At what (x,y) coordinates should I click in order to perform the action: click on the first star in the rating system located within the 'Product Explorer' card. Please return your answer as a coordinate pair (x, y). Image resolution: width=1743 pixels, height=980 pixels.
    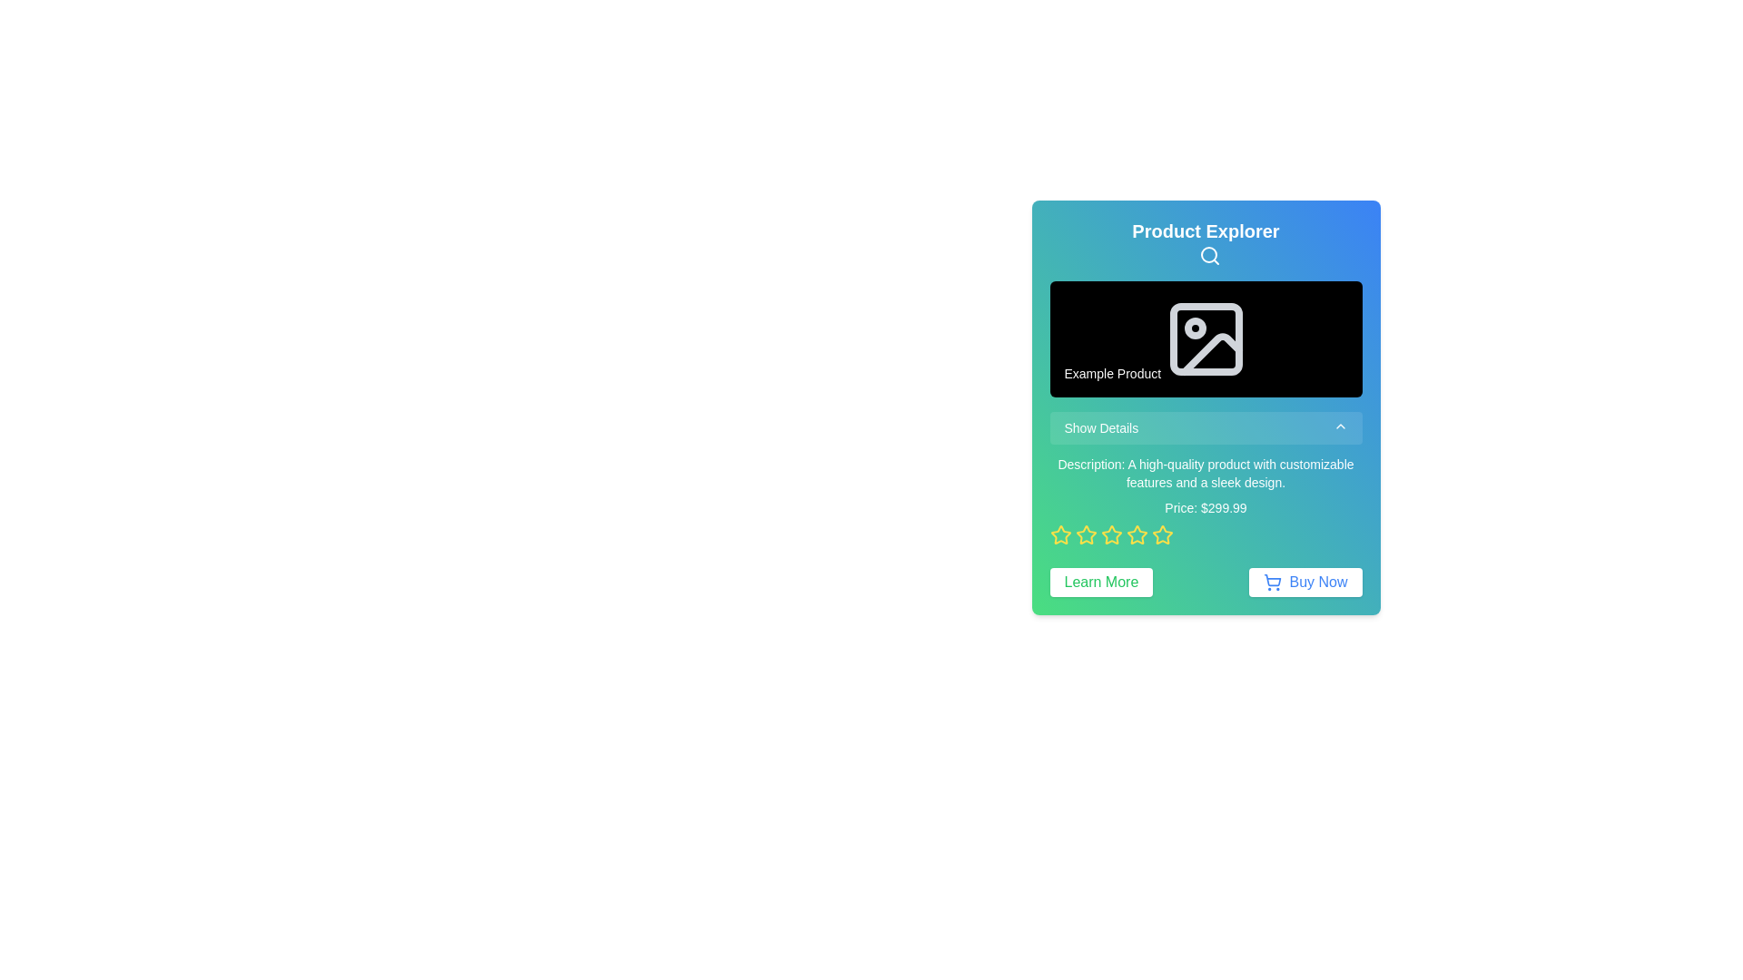
    Looking at the image, I should click on (1086, 534).